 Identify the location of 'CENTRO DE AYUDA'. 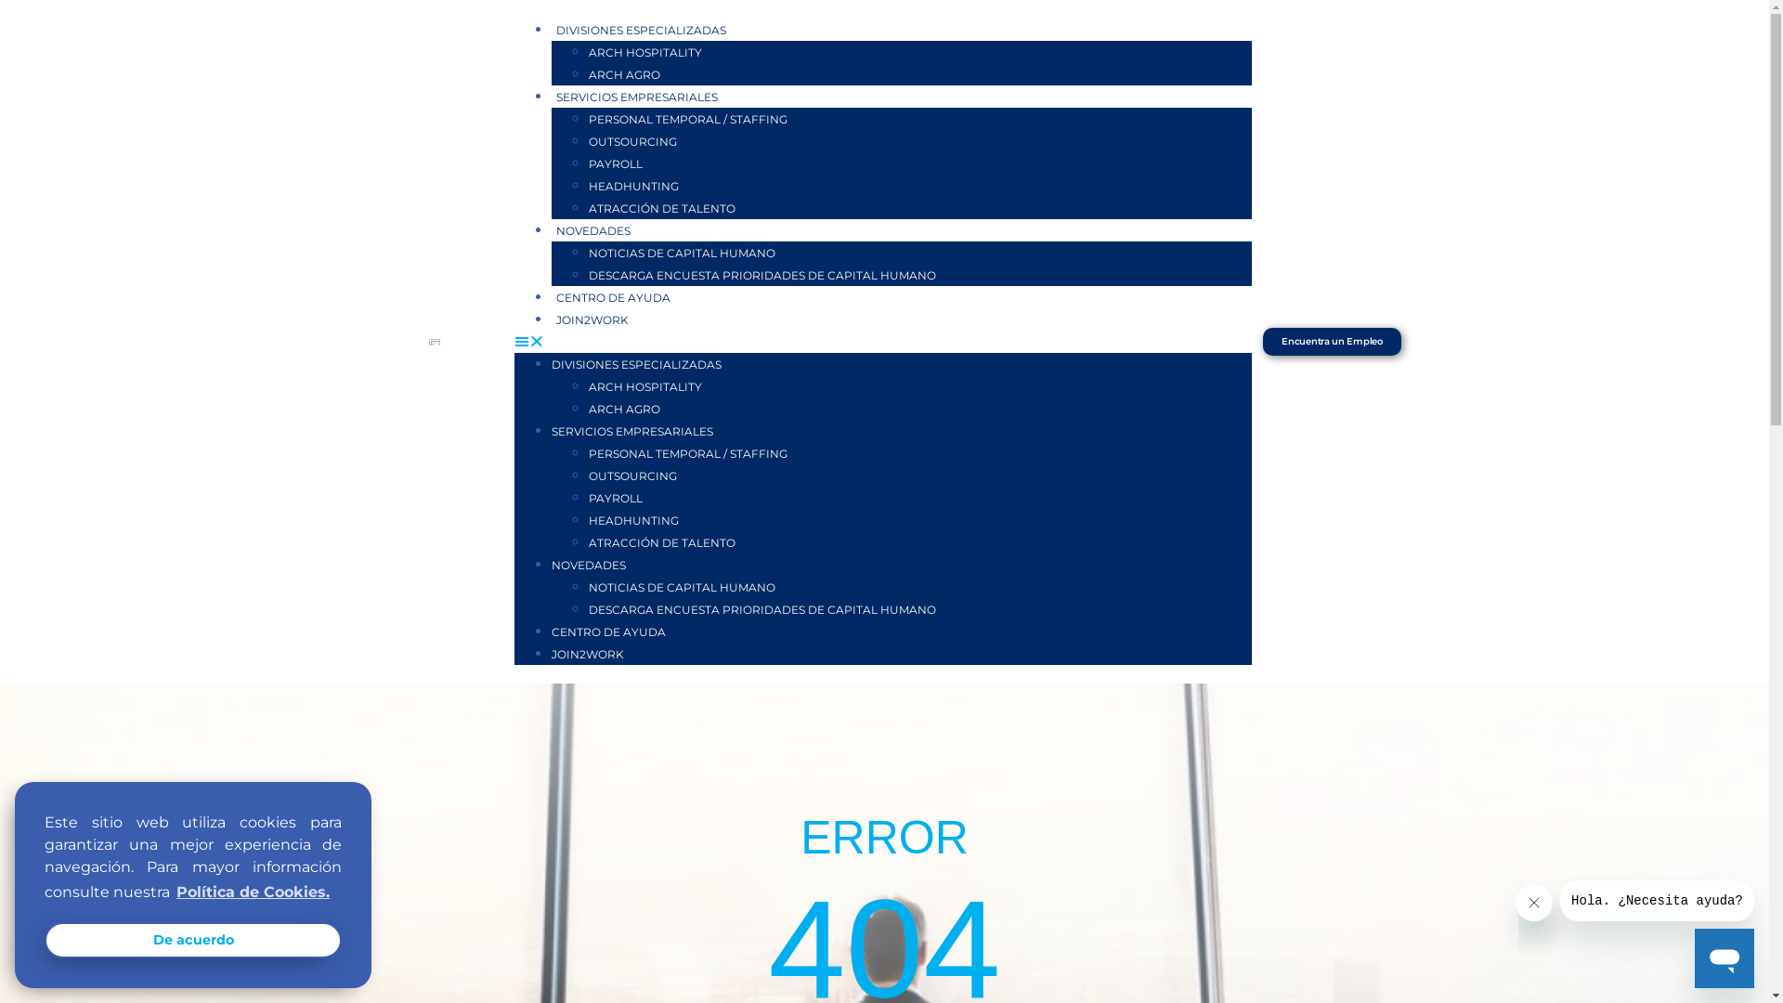
(551, 631).